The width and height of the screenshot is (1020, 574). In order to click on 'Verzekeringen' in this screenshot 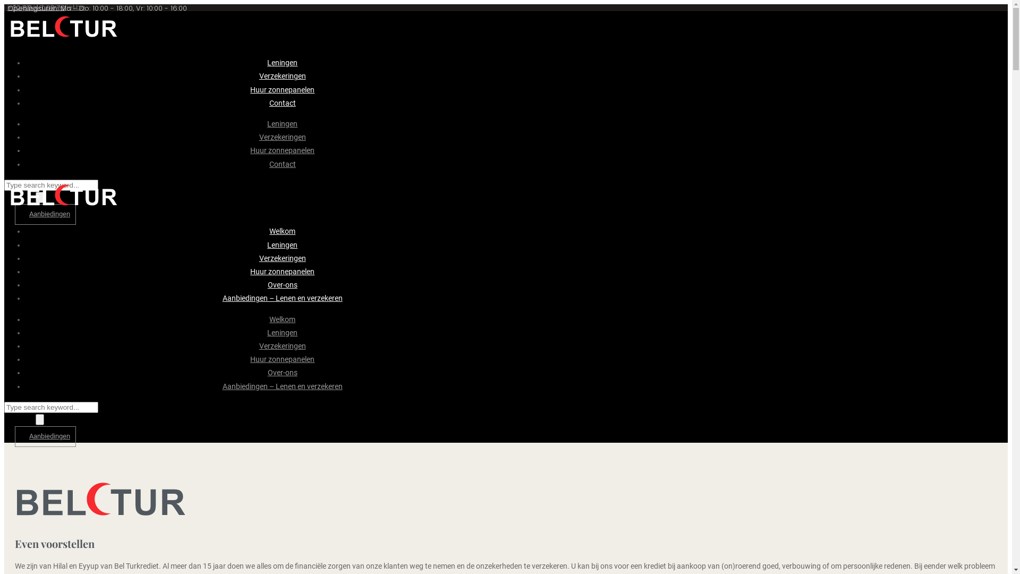, I will do `click(283, 346)`.